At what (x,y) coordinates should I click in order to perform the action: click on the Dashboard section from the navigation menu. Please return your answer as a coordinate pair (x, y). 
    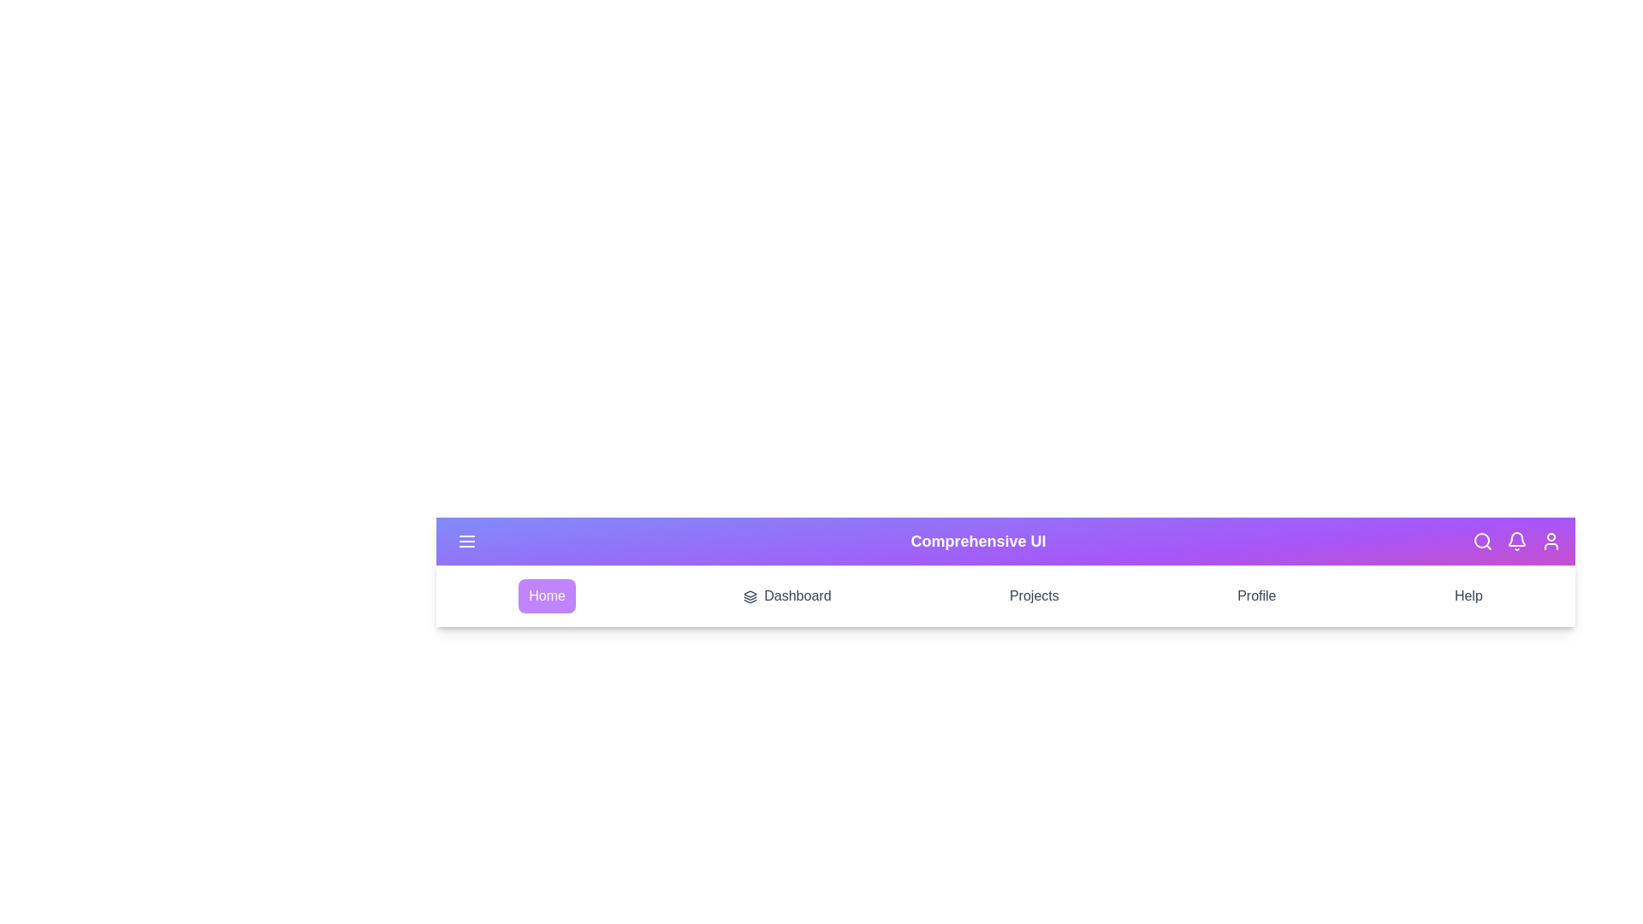
    Looking at the image, I should click on (786, 595).